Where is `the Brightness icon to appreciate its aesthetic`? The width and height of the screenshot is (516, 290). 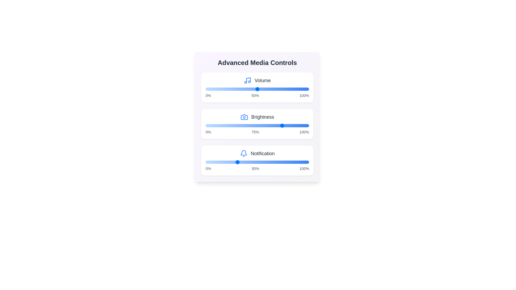 the Brightness icon to appreciate its aesthetic is located at coordinates (244, 117).